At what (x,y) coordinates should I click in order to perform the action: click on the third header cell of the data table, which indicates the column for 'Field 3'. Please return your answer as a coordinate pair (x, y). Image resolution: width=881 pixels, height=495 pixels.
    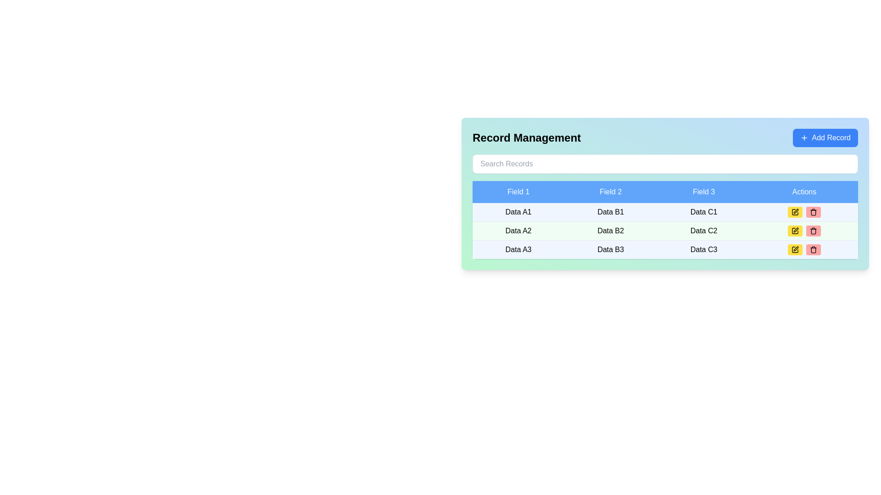
    Looking at the image, I should click on (703, 192).